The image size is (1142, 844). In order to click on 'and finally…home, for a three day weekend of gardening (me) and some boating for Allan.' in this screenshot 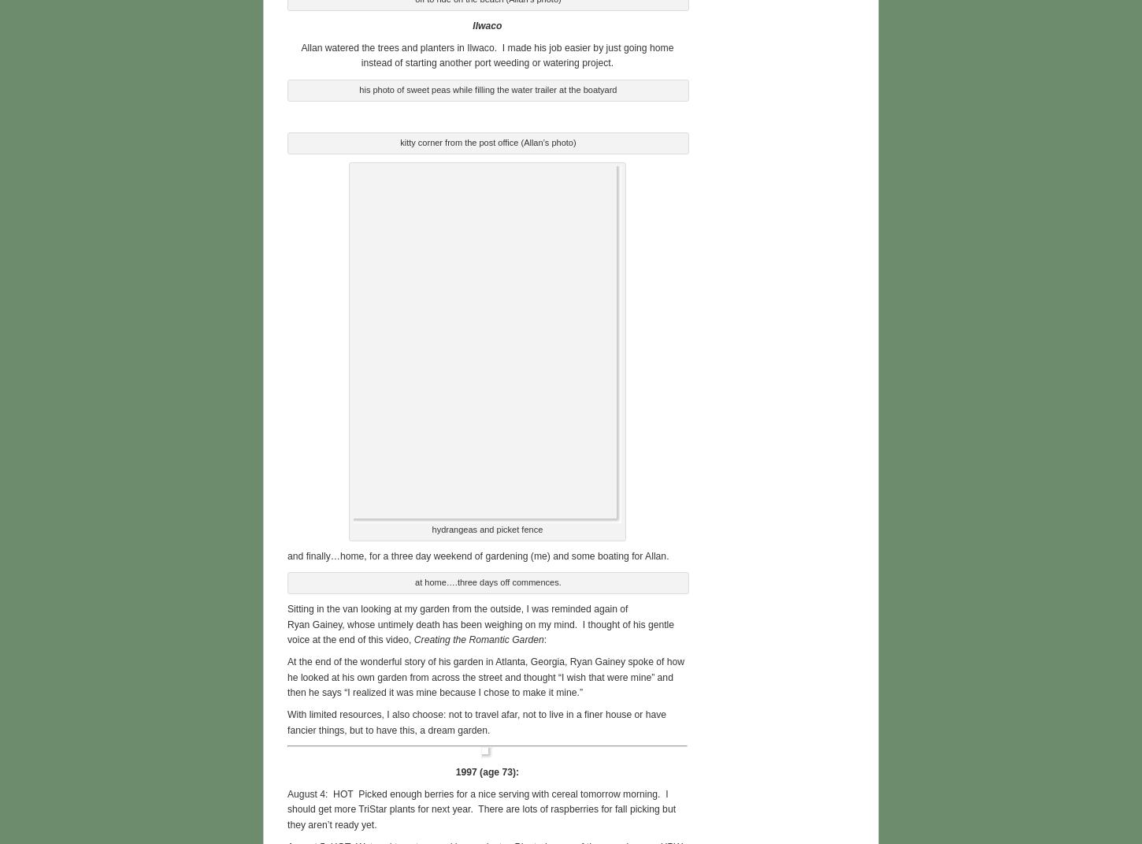, I will do `click(476, 554)`.